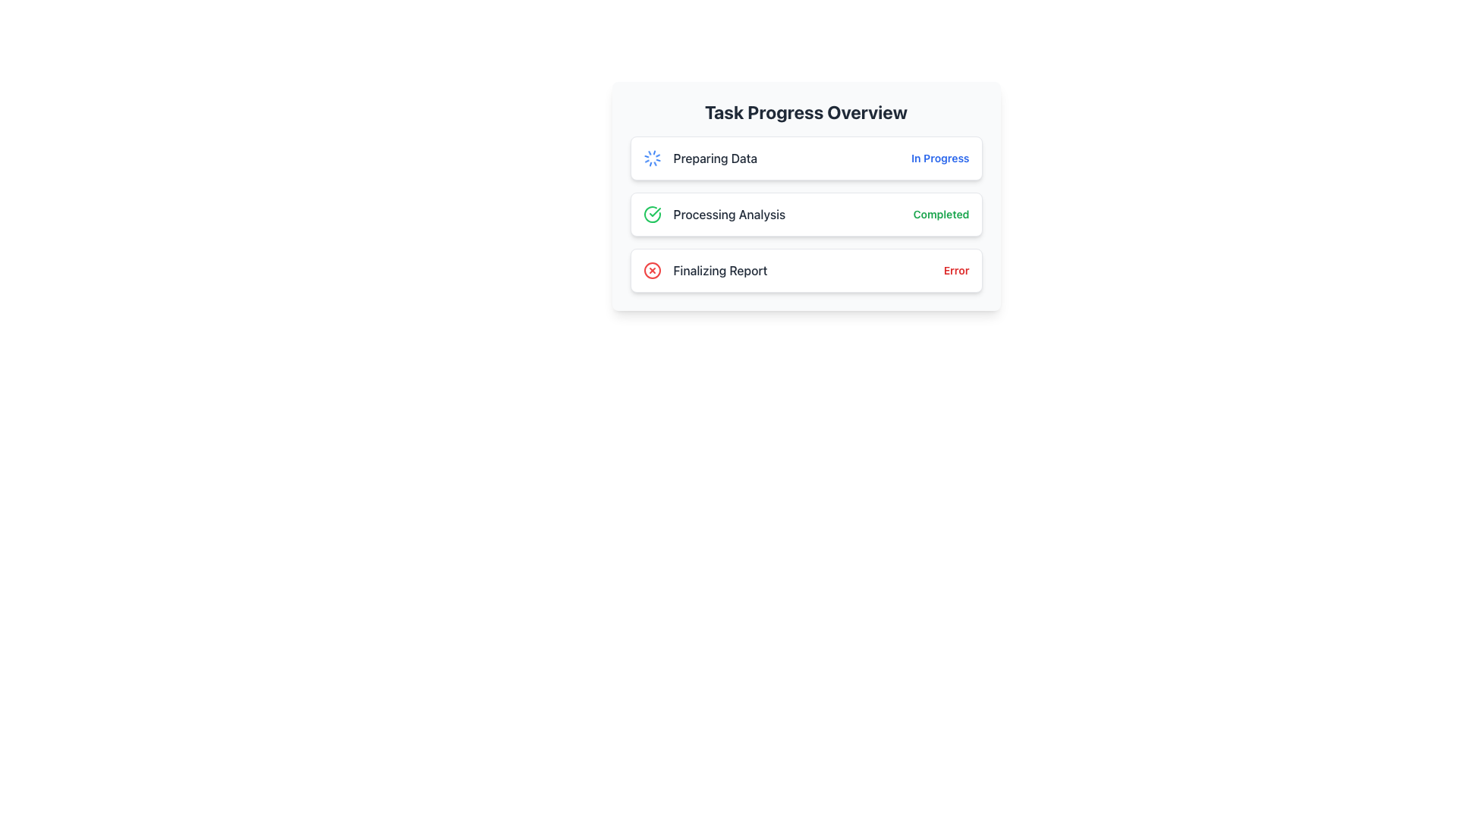  I want to click on status and details of the second progress item labeled 'Processing Analysis' with the completion status 'Completed' in the task progress overview interface, so click(805, 214).